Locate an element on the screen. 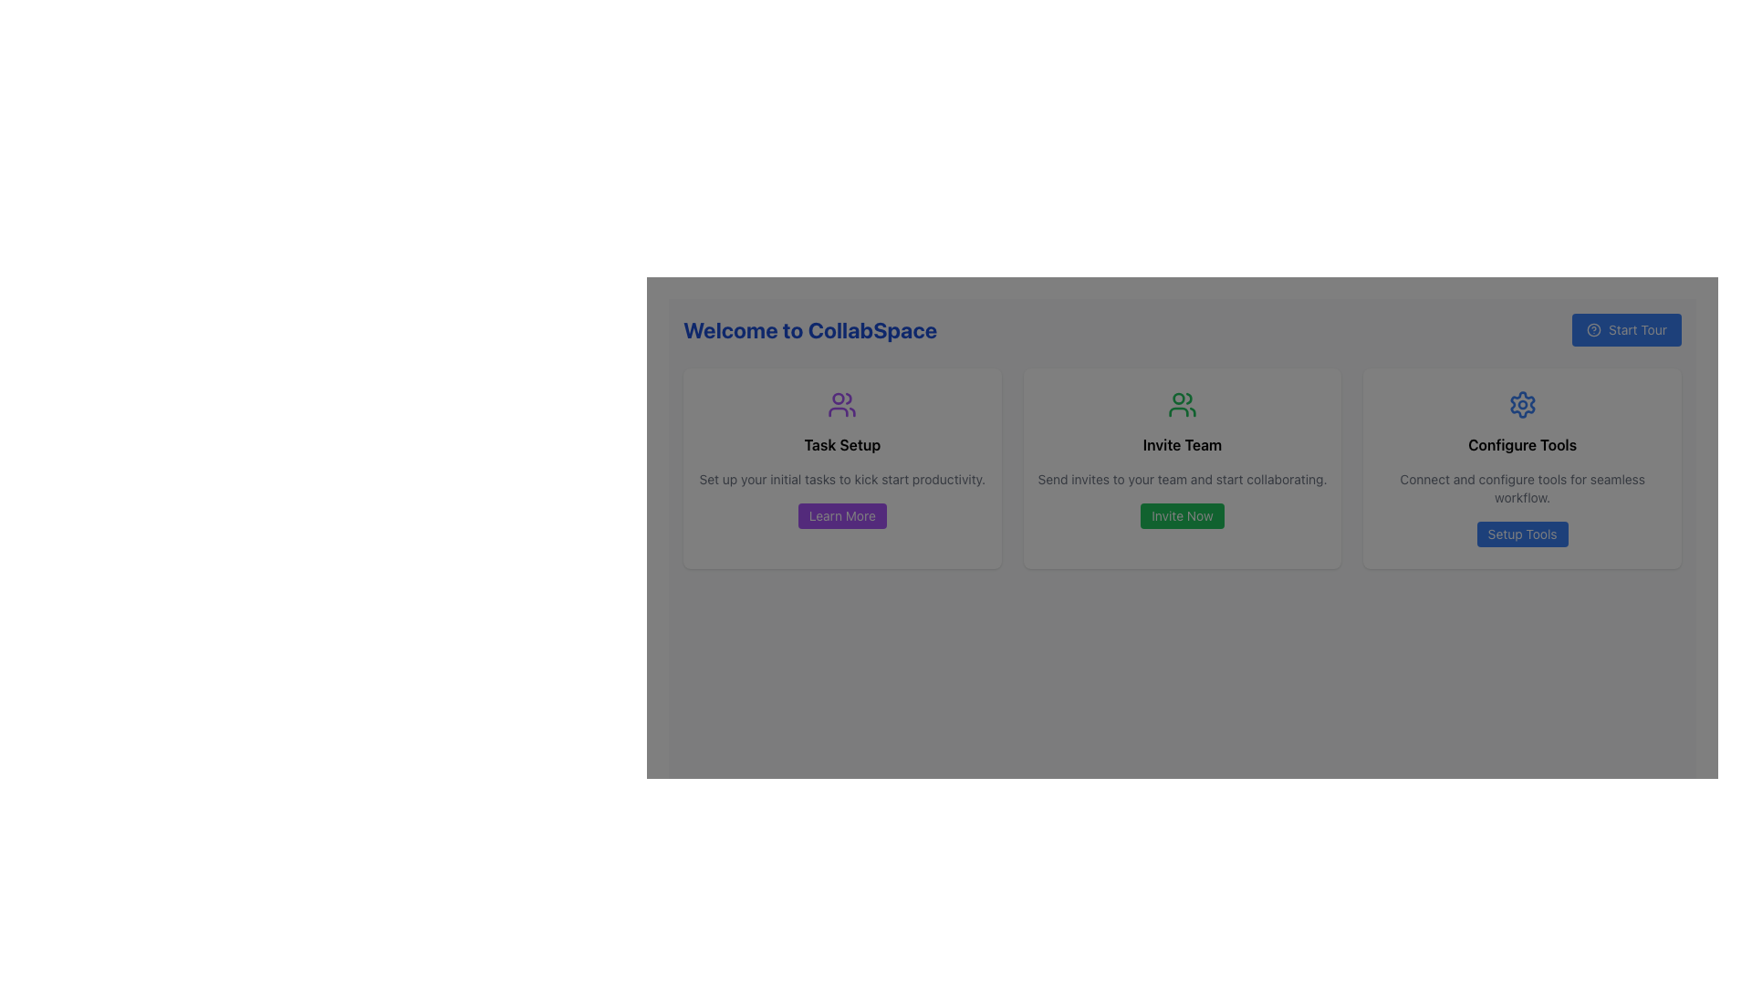 Image resolution: width=1752 pixels, height=985 pixels. the 'Invite Team' text label, which is styled in bold and located beneath a green group icon within the second card of a three-card layout is located at coordinates (1183, 445).